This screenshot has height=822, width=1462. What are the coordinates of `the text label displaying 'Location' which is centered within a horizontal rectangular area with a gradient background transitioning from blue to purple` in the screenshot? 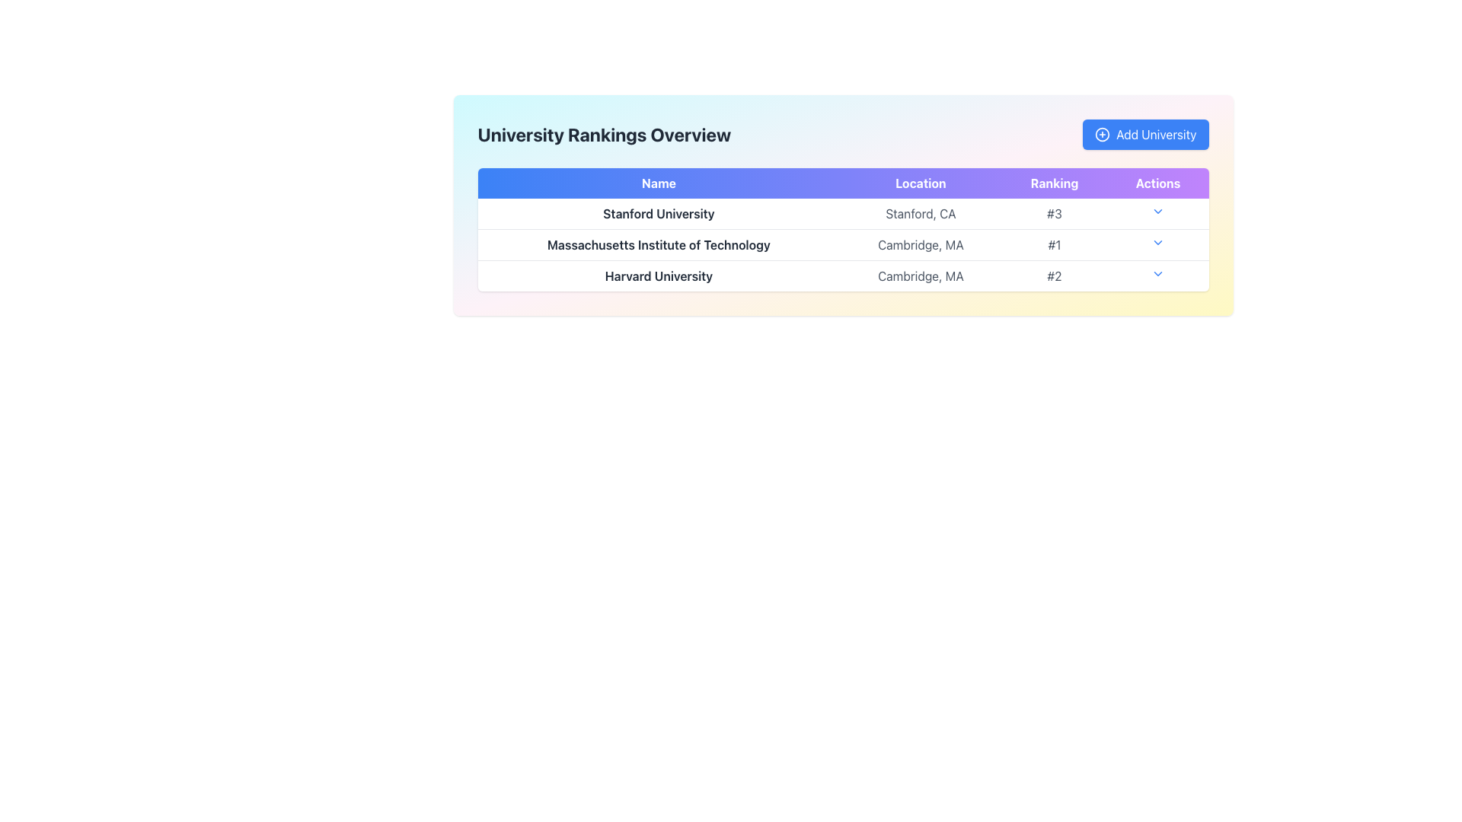 It's located at (920, 182).